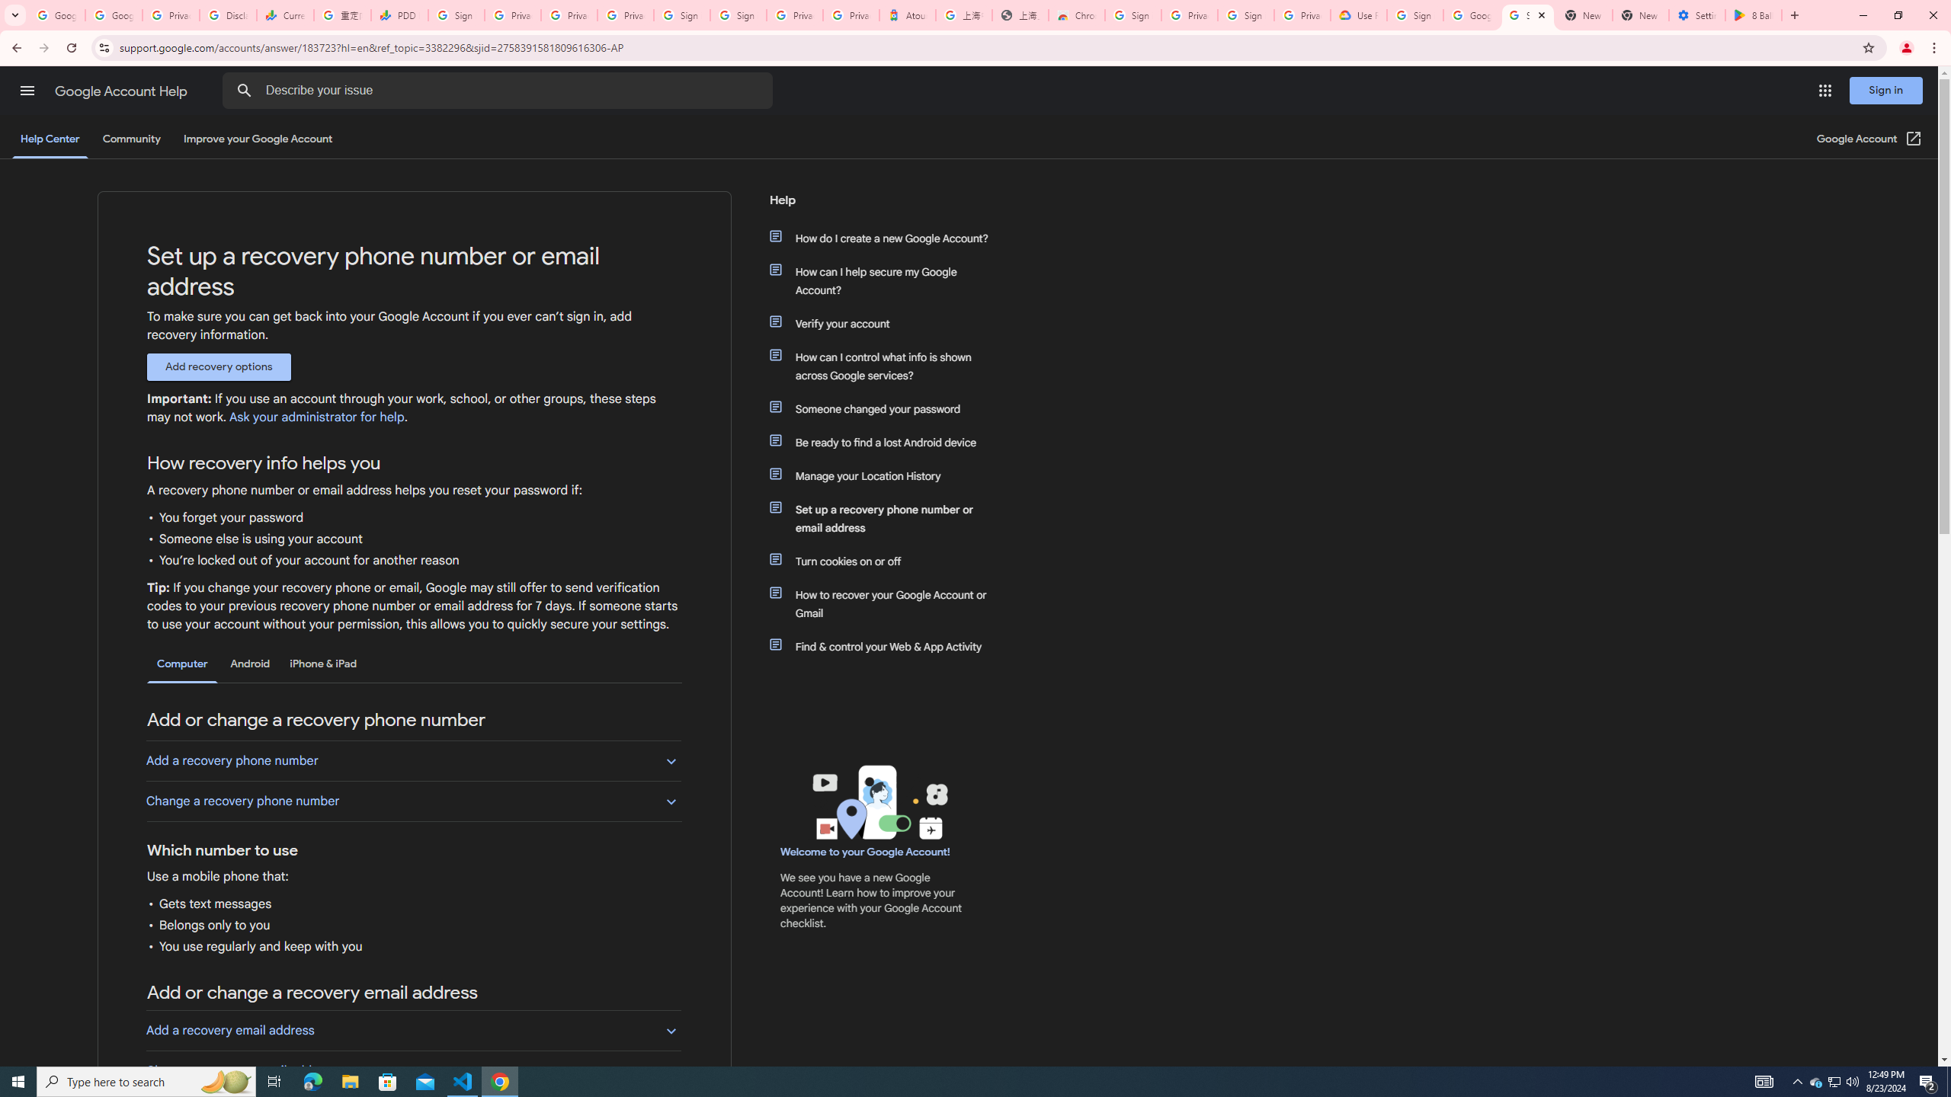  What do you see at coordinates (886, 365) in the screenshot?
I see `'How can I control what info is shown across Google services?'` at bounding box center [886, 365].